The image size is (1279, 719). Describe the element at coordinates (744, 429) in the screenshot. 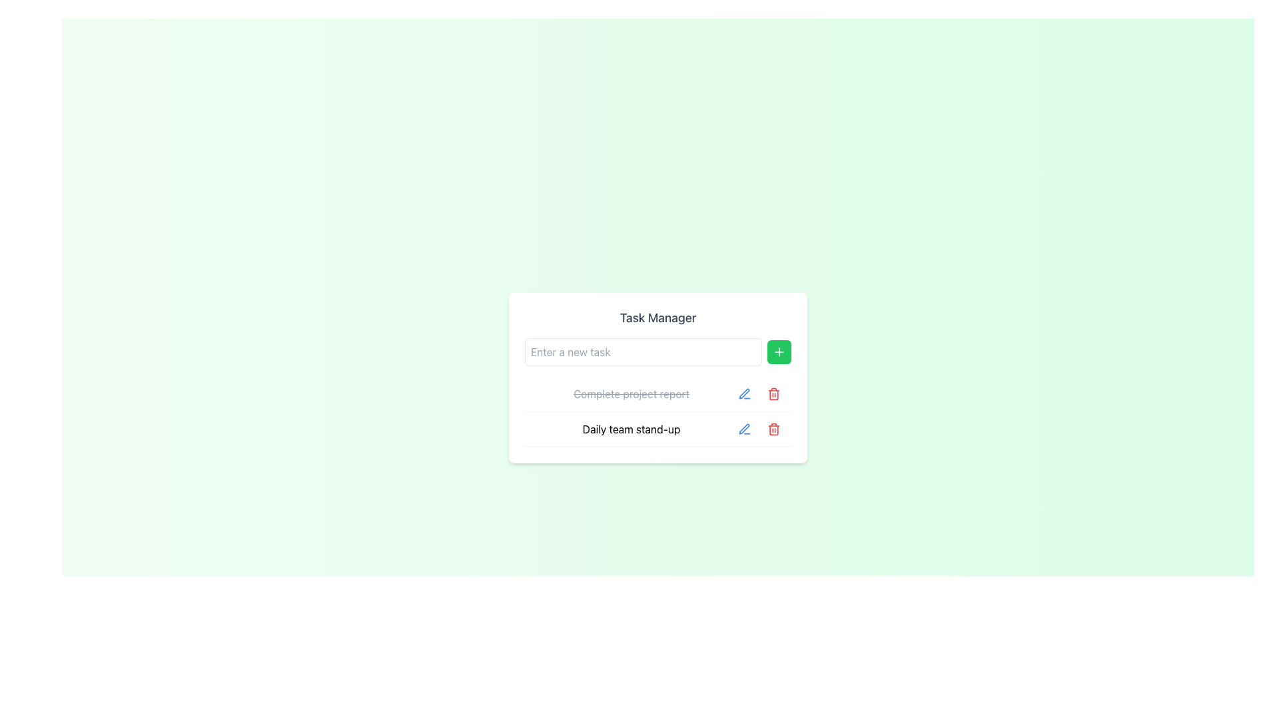

I see `the edit button located in the second task row of the task list interface` at that location.